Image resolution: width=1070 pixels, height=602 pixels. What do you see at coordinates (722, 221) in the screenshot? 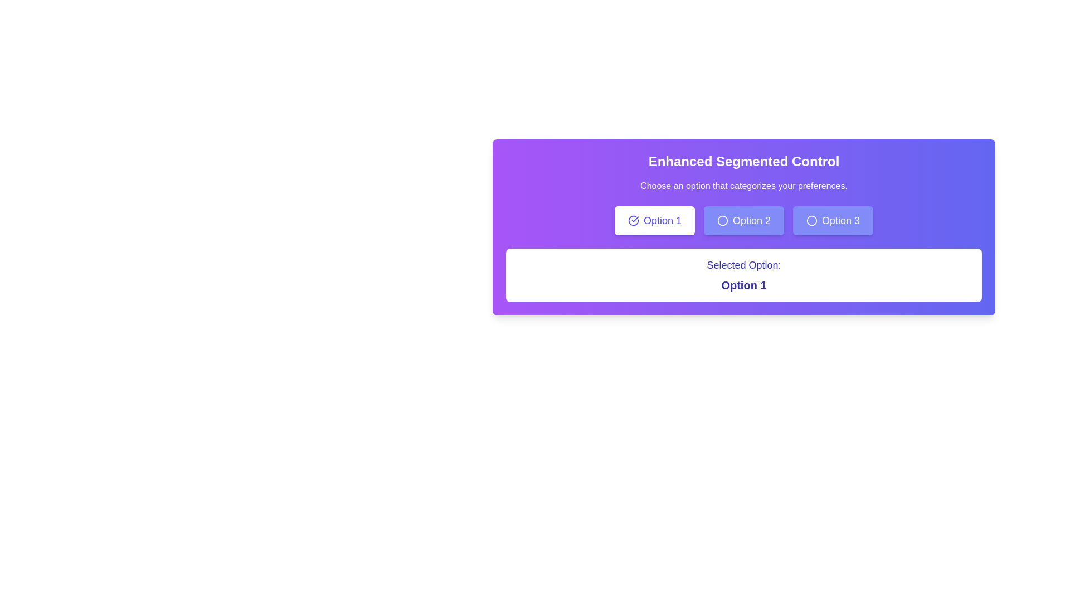
I see `the decorative SVG Circle inside the 'Option 2' button located in the middle of the purple panel` at bounding box center [722, 221].